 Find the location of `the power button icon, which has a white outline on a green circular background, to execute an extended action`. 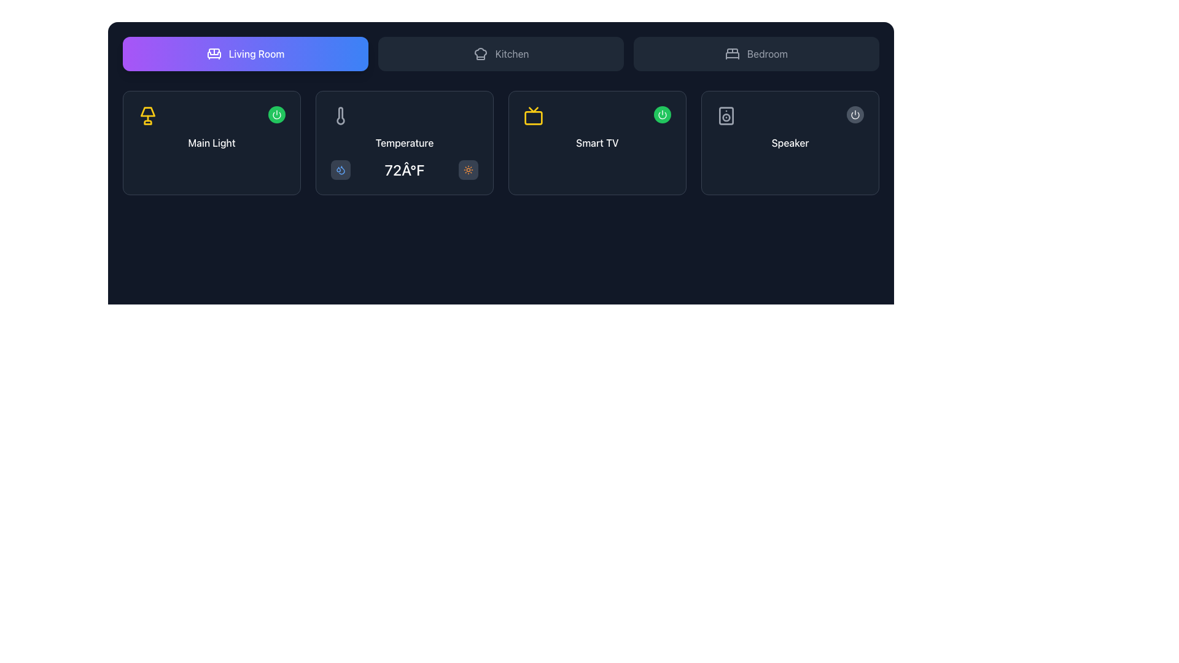

the power button icon, which has a white outline on a green circular background, to execute an extended action is located at coordinates (276, 114).